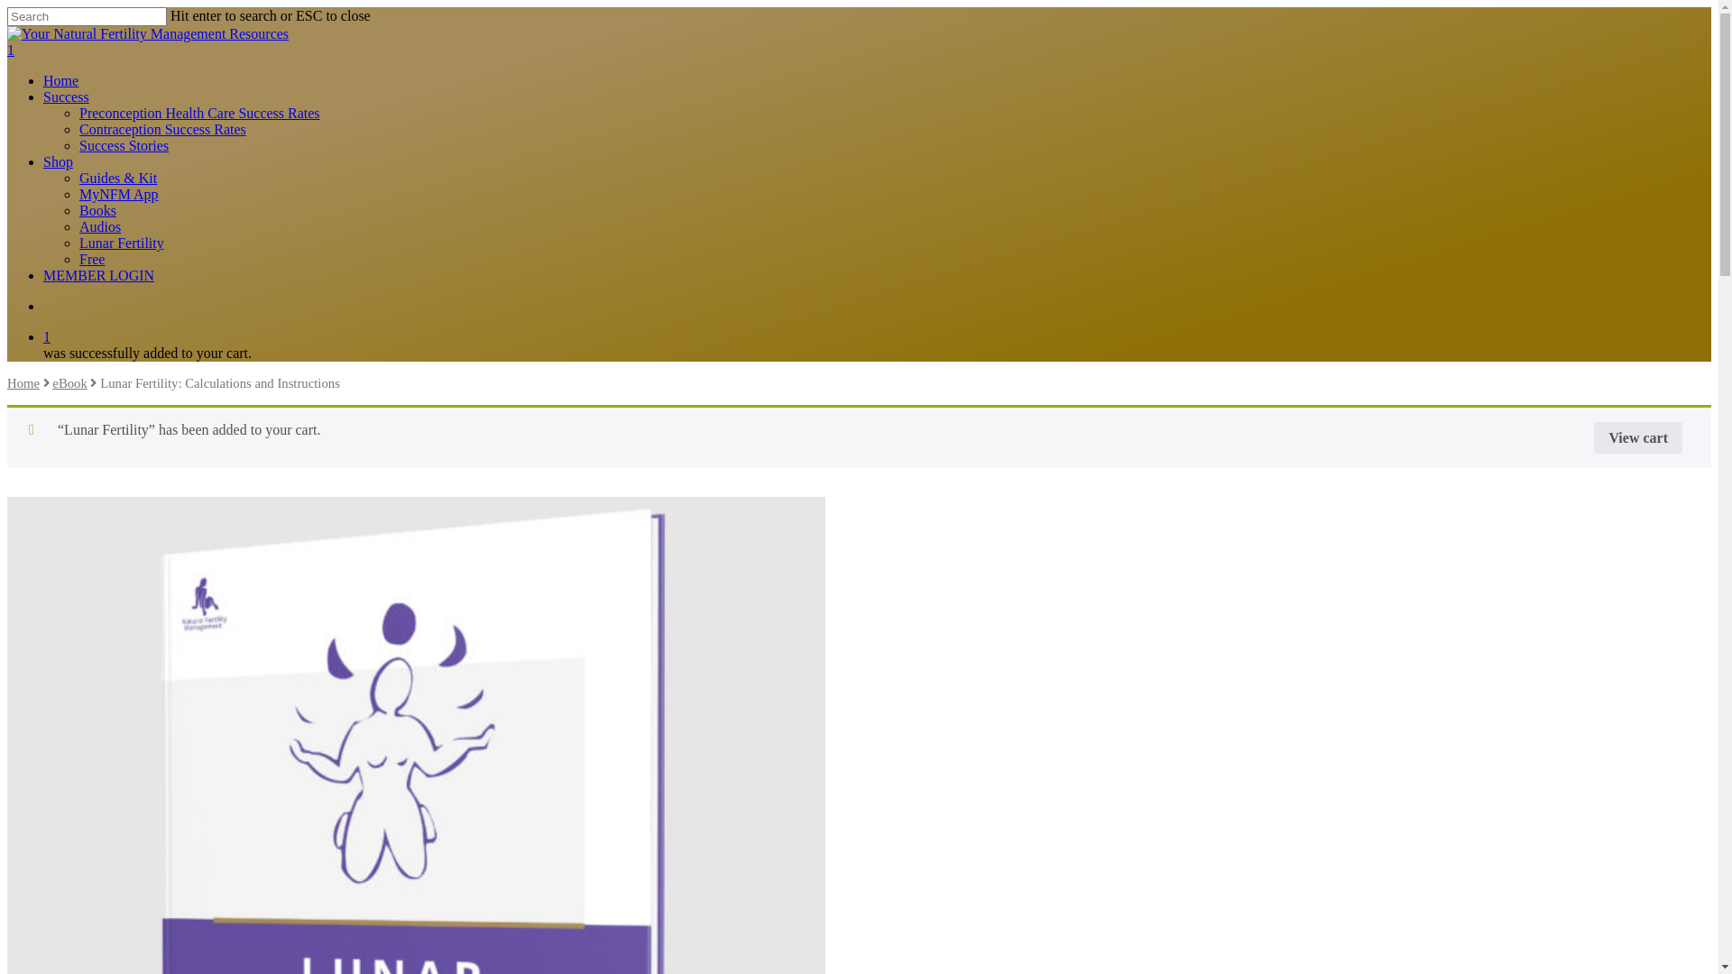 The image size is (1732, 974). What do you see at coordinates (78, 178) in the screenshot?
I see `'Guides & Kit'` at bounding box center [78, 178].